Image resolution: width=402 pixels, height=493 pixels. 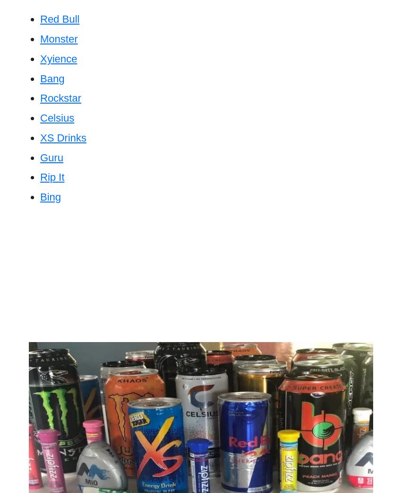 I want to click on 'Xyience', so click(x=40, y=58).